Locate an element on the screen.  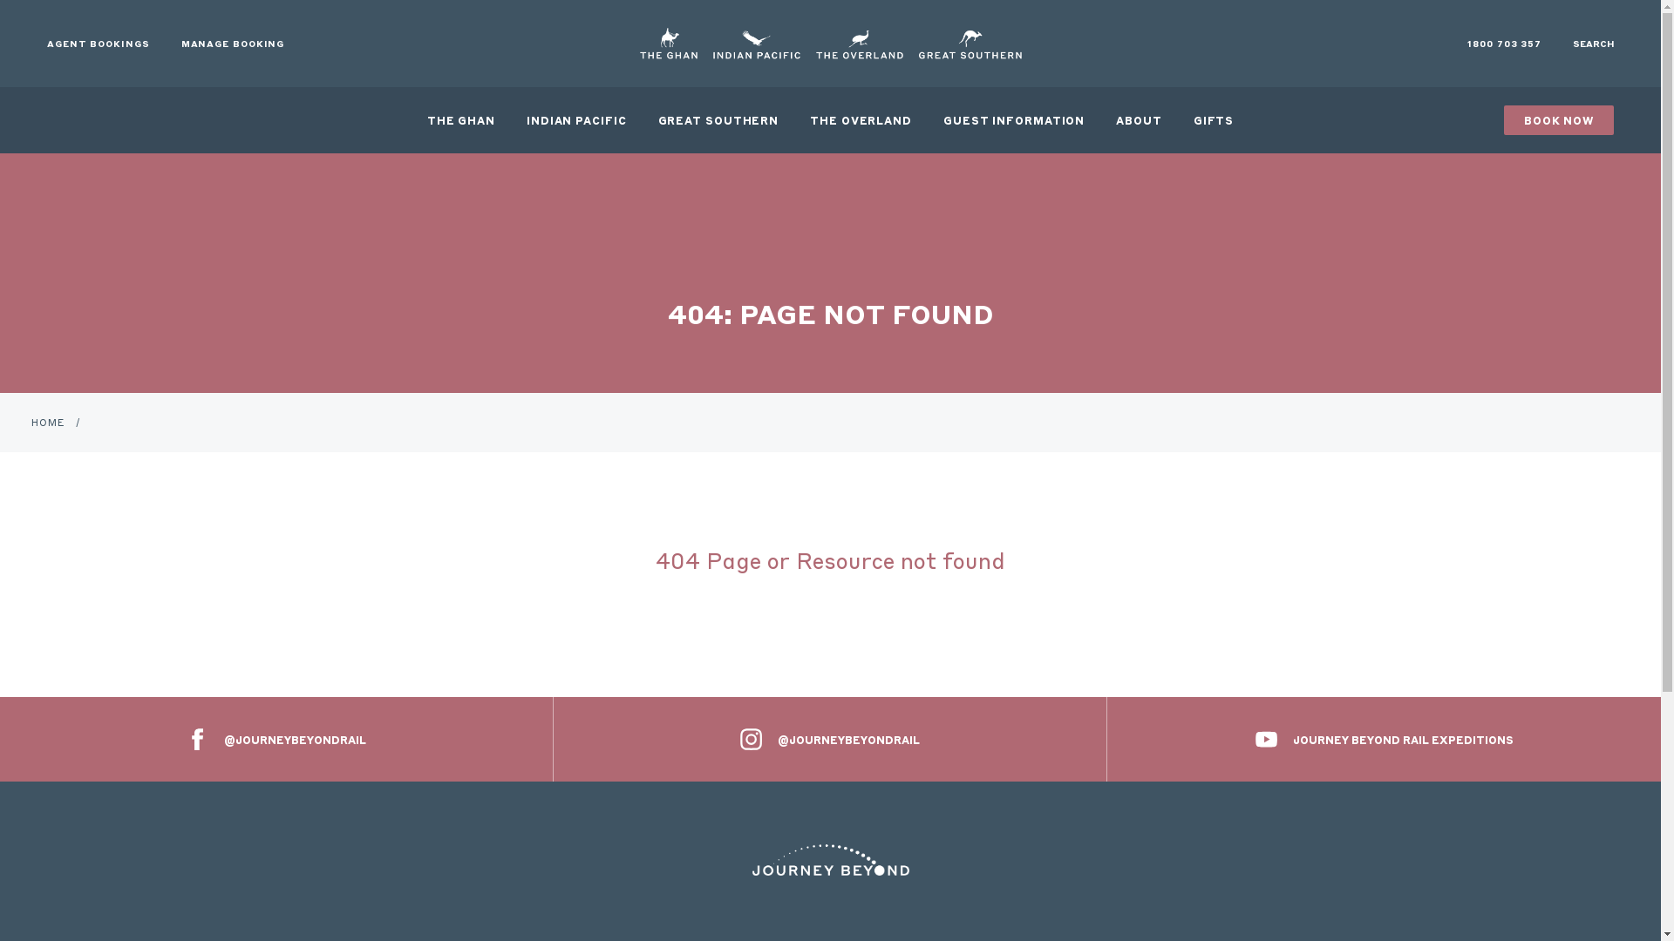
'GIFTS' is located at coordinates (1213, 119).